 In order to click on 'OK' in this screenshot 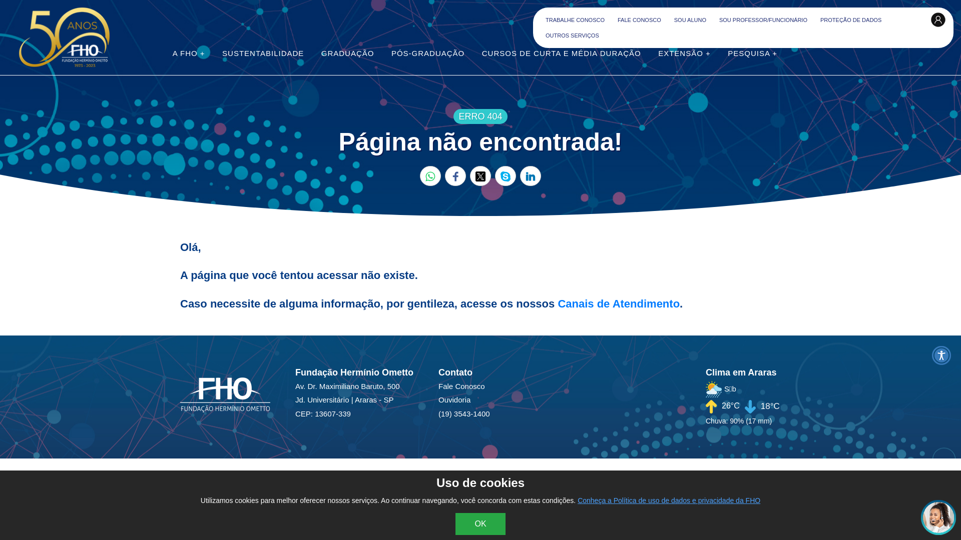, I will do `click(455, 523)`.